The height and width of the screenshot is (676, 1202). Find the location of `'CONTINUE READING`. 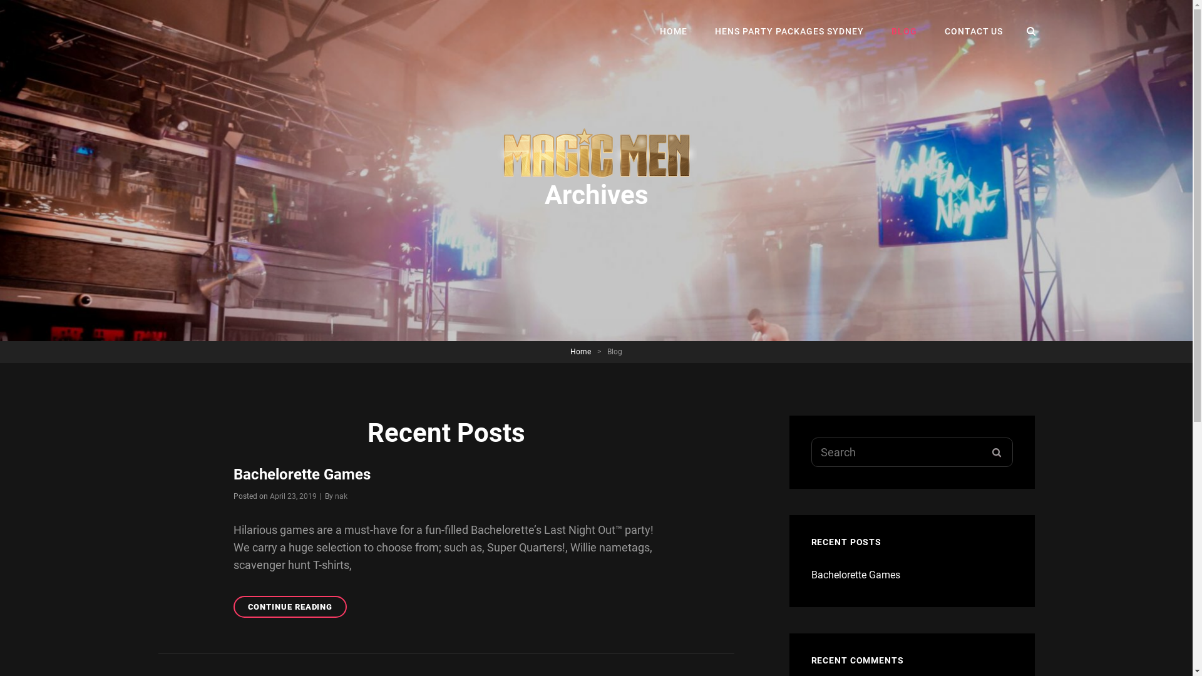

'CONTINUE READING is located at coordinates (233, 606).